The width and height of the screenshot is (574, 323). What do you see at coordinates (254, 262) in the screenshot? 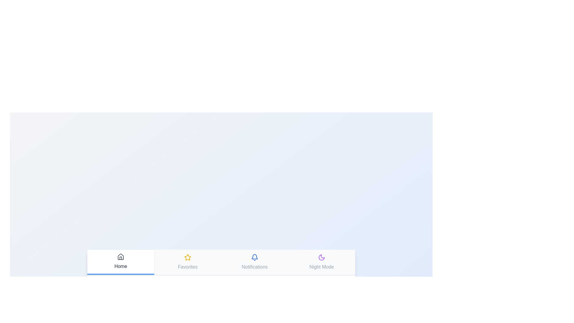
I see `the tab labeled Notifications` at bounding box center [254, 262].